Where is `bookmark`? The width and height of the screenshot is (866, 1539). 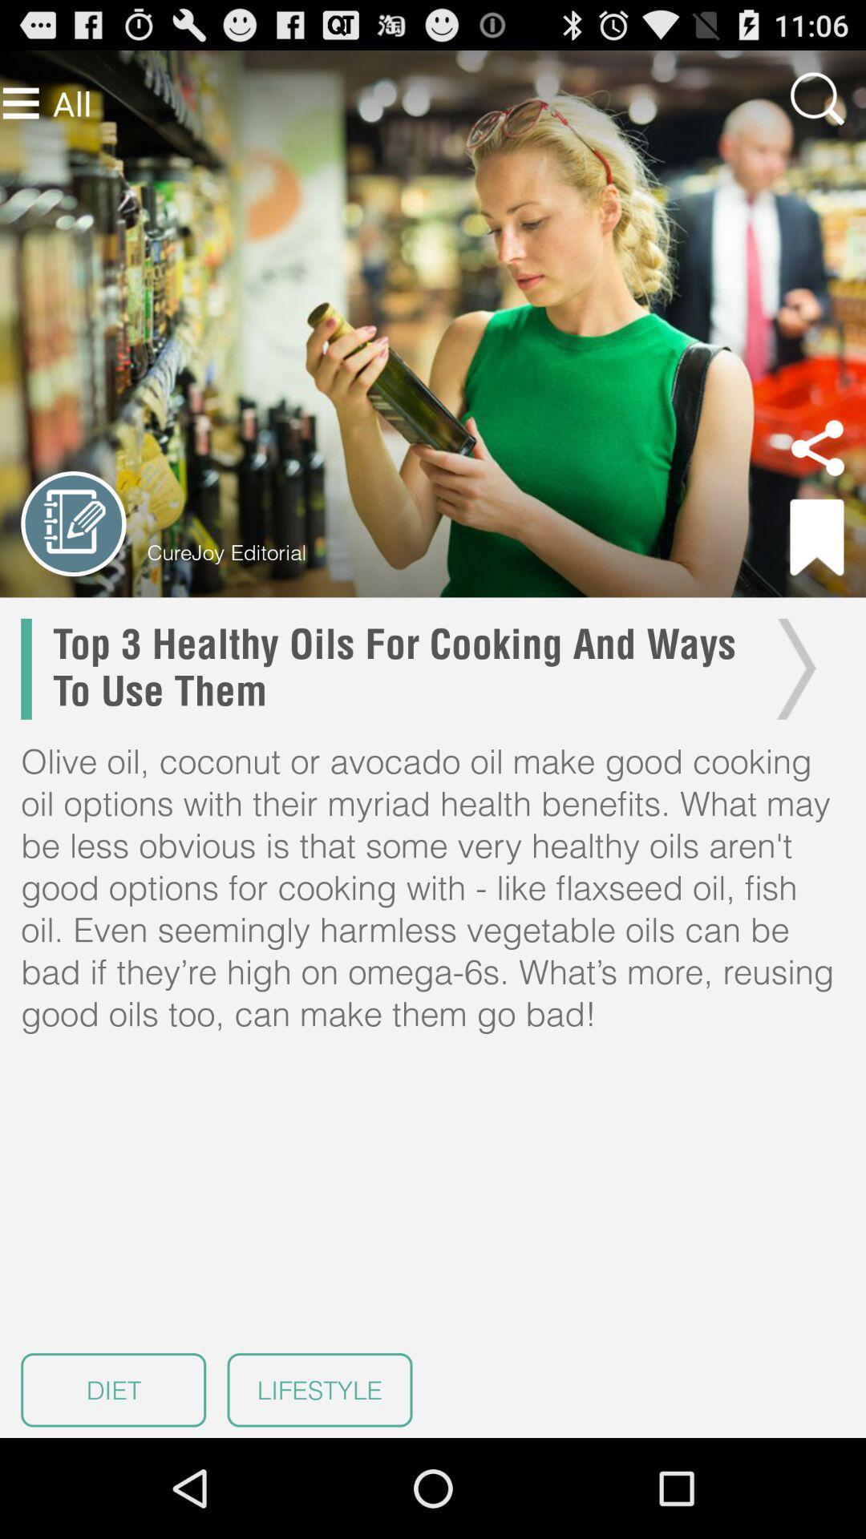 bookmark is located at coordinates (817, 537).